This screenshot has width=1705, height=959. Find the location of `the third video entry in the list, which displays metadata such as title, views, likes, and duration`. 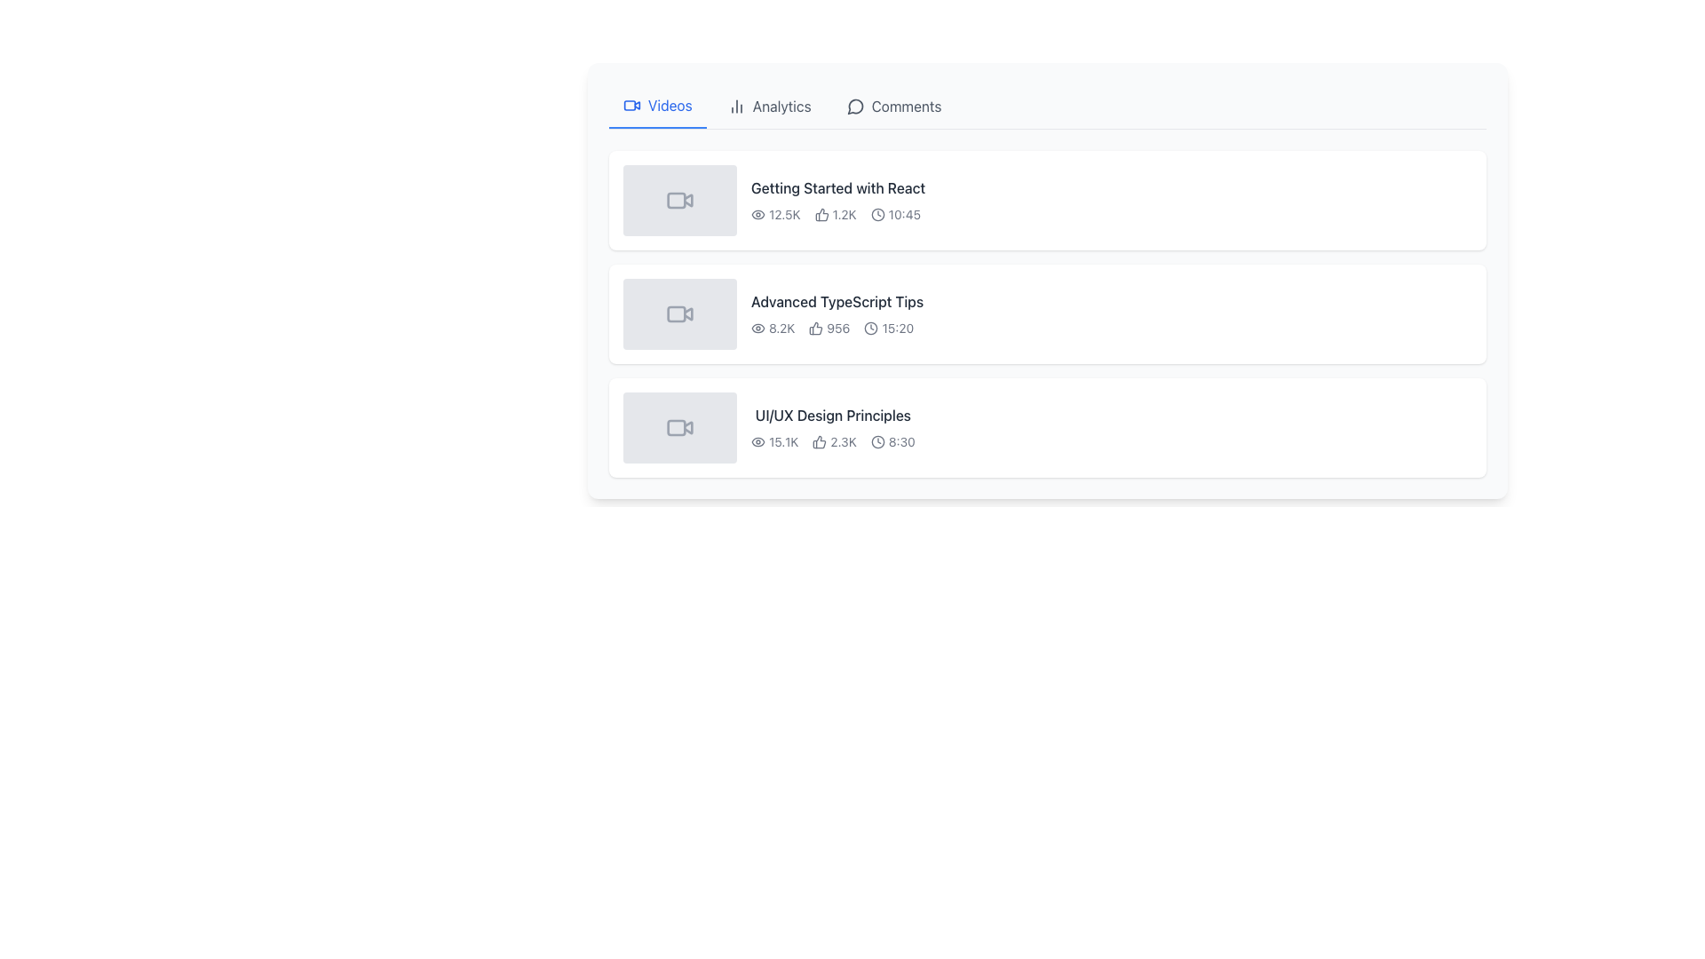

the third video entry in the list, which displays metadata such as title, views, likes, and duration is located at coordinates (1048, 428).